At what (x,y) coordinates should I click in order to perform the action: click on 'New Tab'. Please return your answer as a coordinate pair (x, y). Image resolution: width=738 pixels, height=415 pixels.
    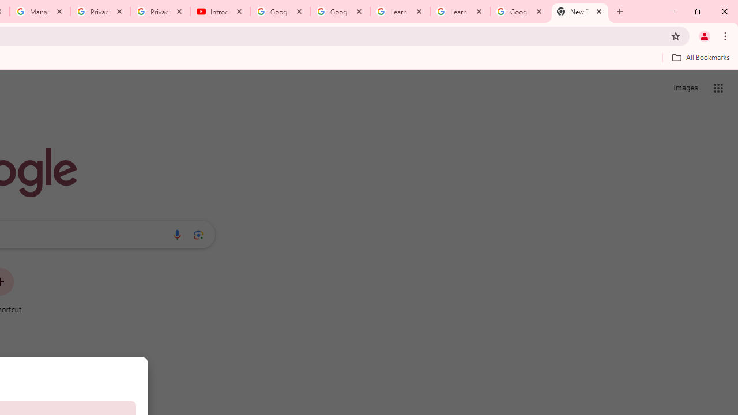
    Looking at the image, I should click on (580, 12).